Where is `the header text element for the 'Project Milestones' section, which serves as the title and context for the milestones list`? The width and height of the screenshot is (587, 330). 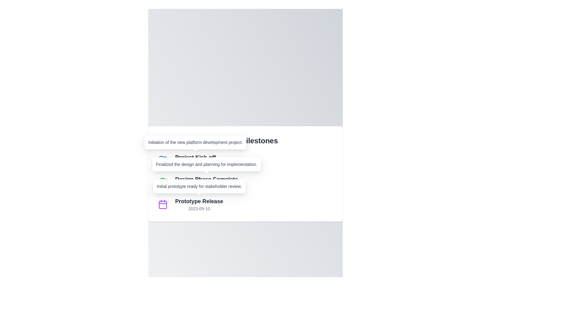
the header text element for the 'Project Milestones' section, which serves as the title and context for the milestones list is located at coordinates (245, 141).